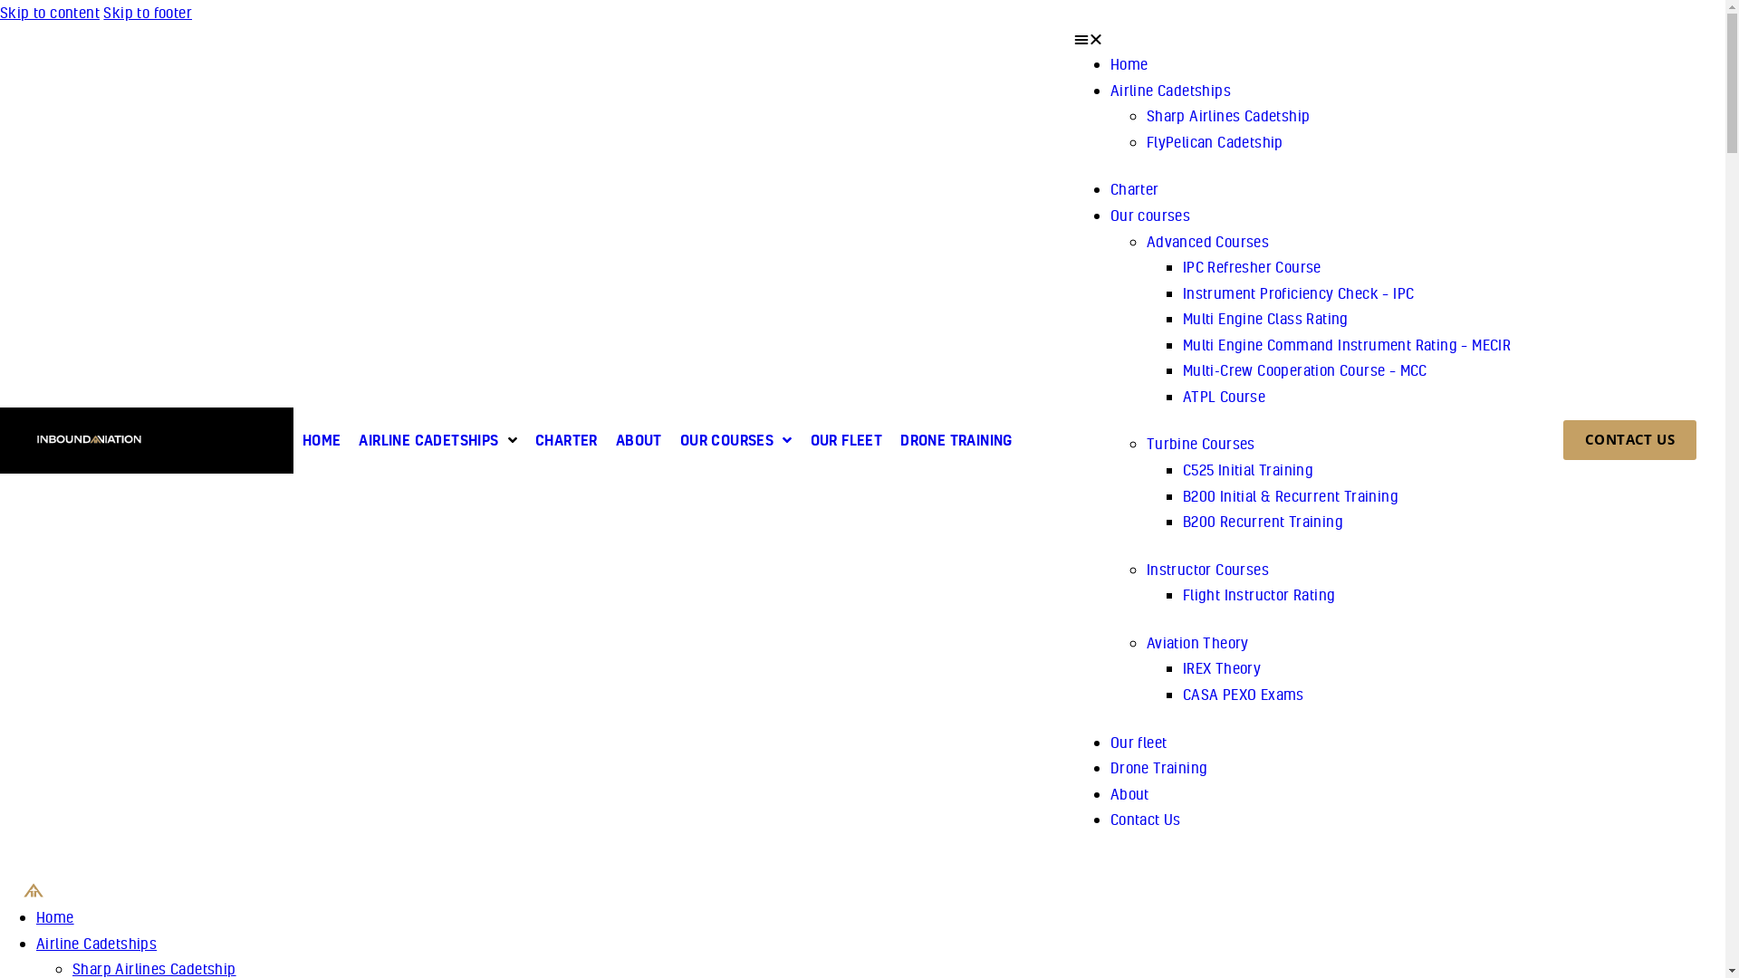  Describe the element at coordinates (565, 440) in the screenshot. I see `'CHARTER'` at that location.